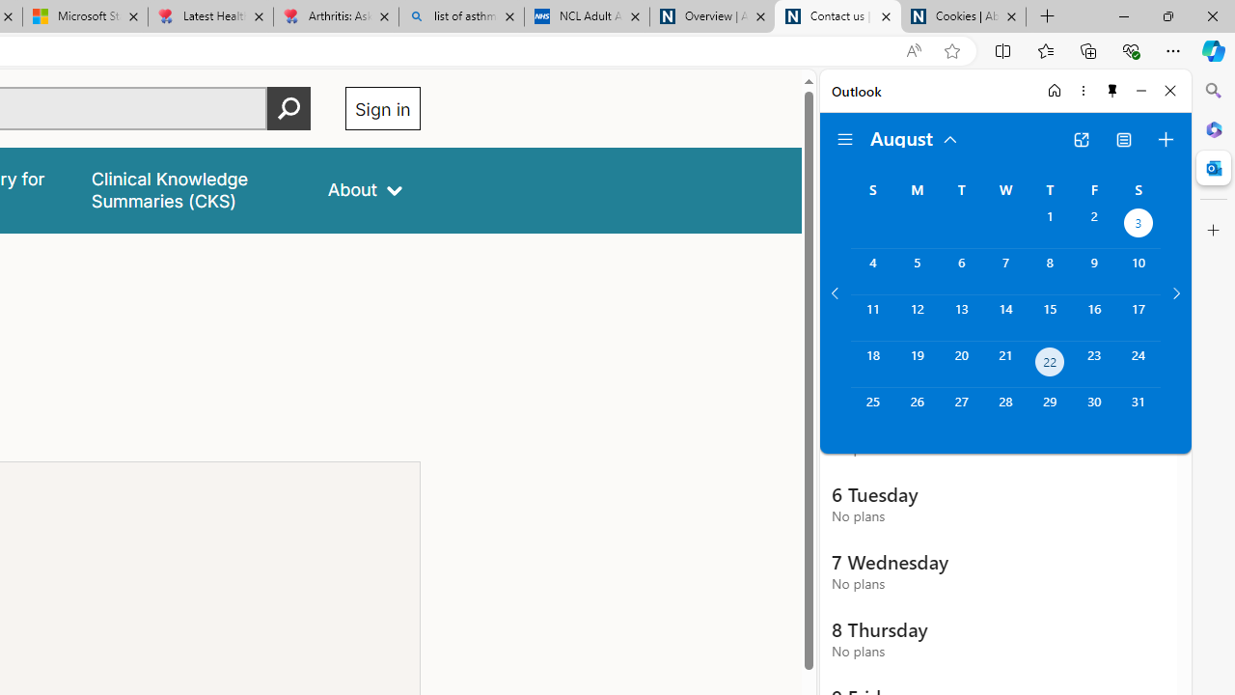 This screenshot has width=1235, height=695. Describe the element at coordinates (1049, 271) in the screenshot. I see `'Thursday, August 8, 2024. '` at that location.